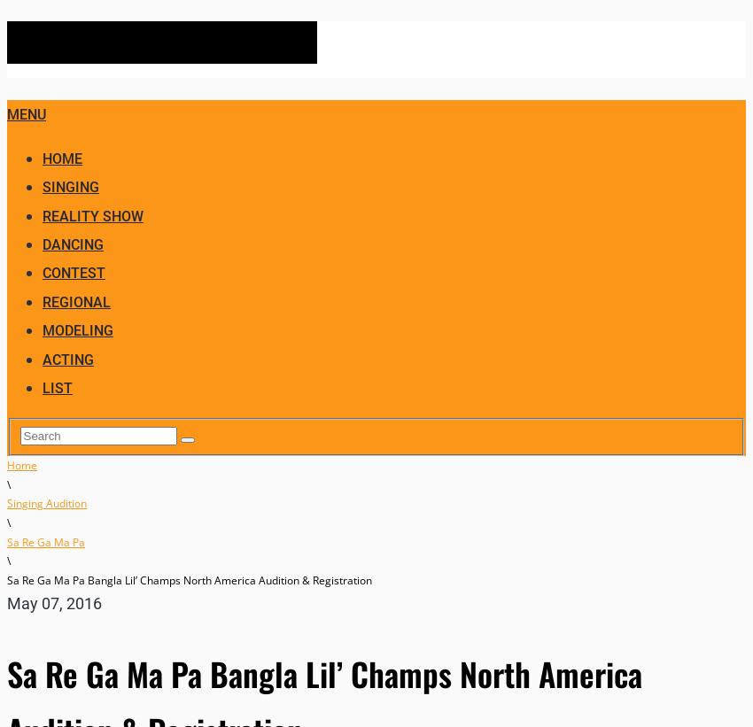 The width and height of the screenshot is (753, 727). What do you see at coordinates (5, 502) in the screenshot?
I see `'Singing Audition'` at bounding box center [5, 502].